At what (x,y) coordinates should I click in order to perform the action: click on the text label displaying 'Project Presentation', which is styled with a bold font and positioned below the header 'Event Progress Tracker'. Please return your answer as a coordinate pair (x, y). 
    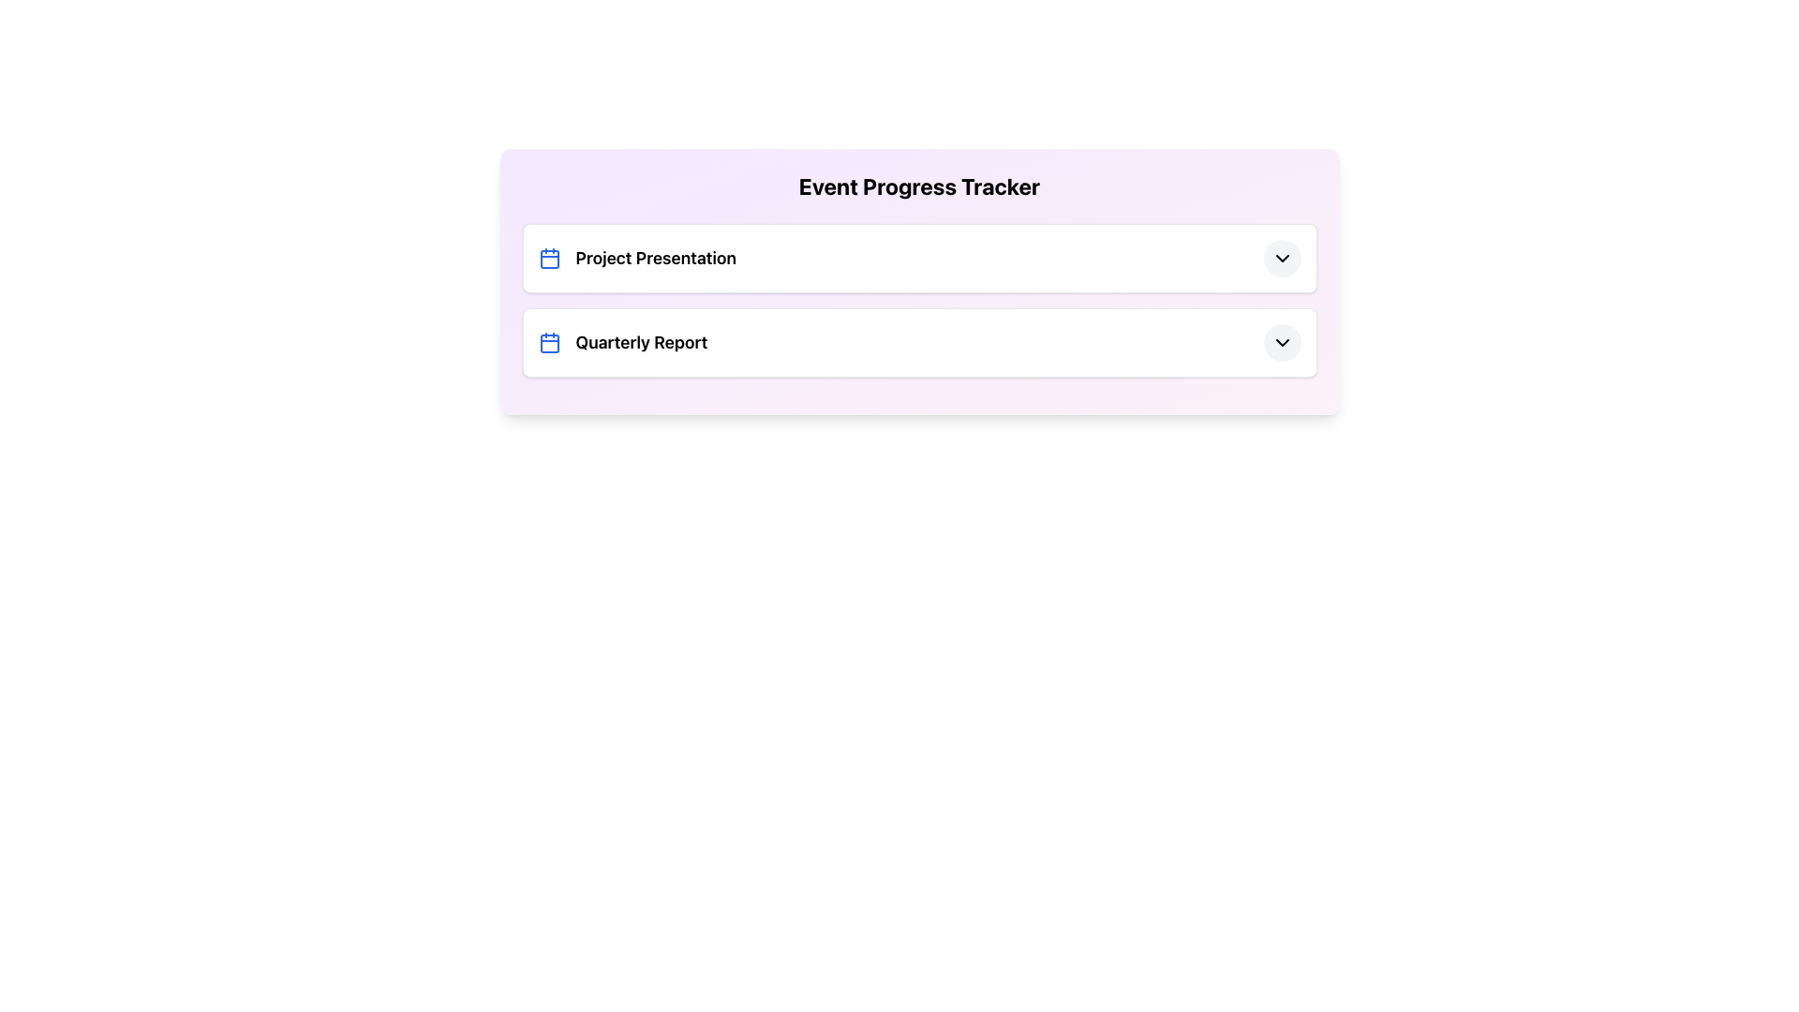
    Looking at the image, I should click on (656, 259).